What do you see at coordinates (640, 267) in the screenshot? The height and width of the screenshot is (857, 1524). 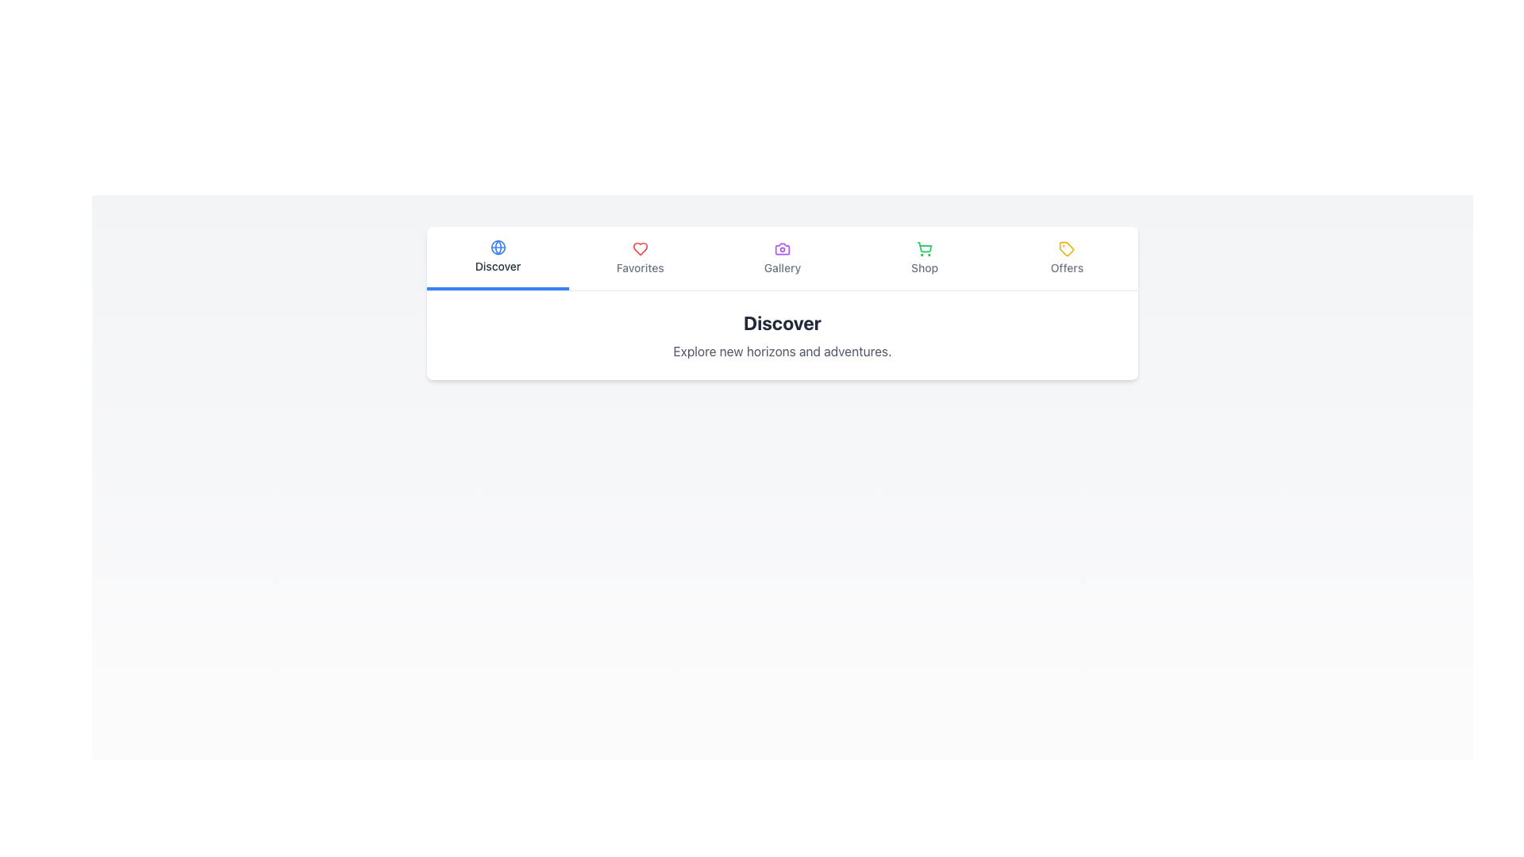 I see `text label indicating the section 'Favorites' in the navigation menu located between 'Discover' and 'Gallery'` at bounding box center [640, 267].